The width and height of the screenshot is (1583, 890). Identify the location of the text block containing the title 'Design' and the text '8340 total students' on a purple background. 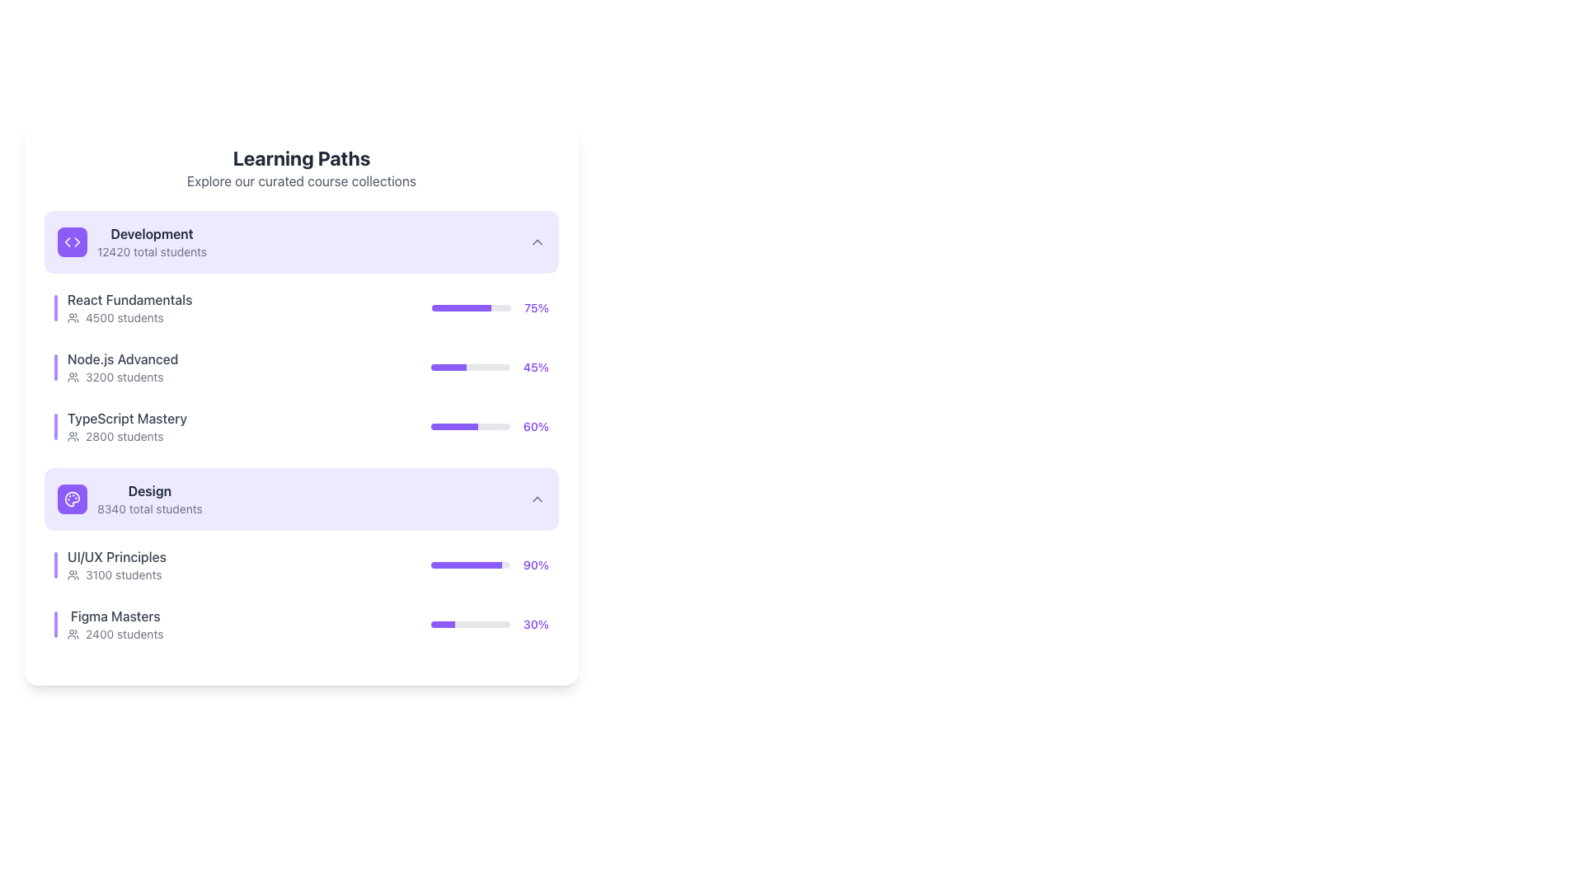
(149, 498).